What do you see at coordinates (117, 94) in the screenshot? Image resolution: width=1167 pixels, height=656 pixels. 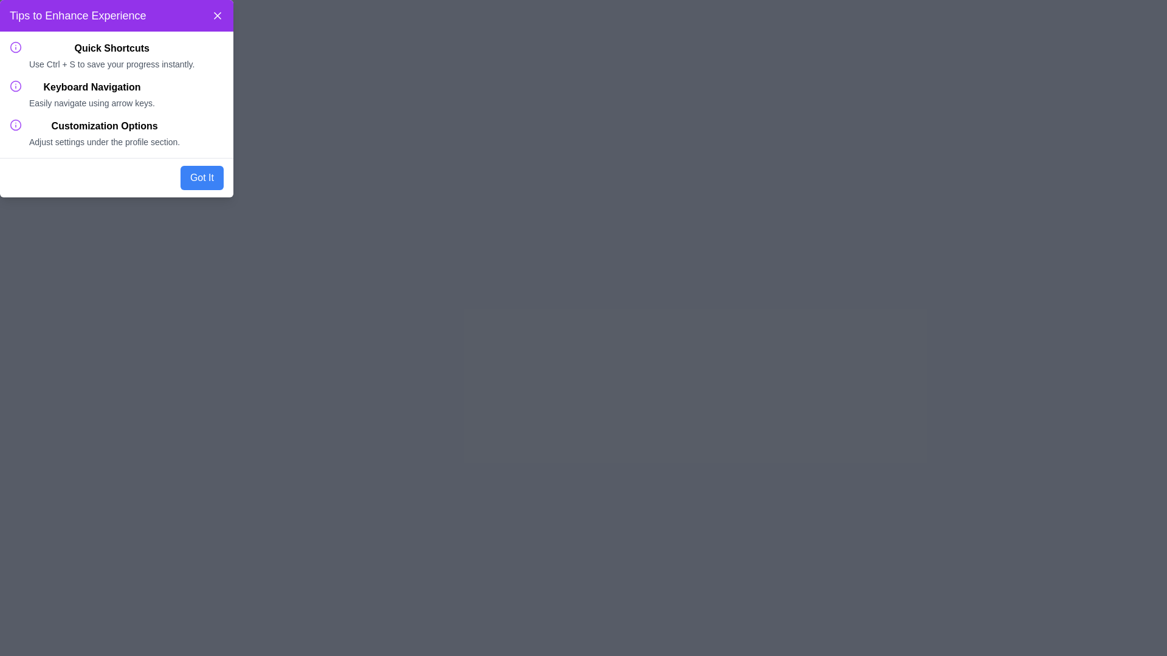 I see `the informational section containing the icon with a purple outlined circle and the text 'Keyboard Navigation' and 'Easily navigate using arrow keys'` at bounding box center [117, 94].